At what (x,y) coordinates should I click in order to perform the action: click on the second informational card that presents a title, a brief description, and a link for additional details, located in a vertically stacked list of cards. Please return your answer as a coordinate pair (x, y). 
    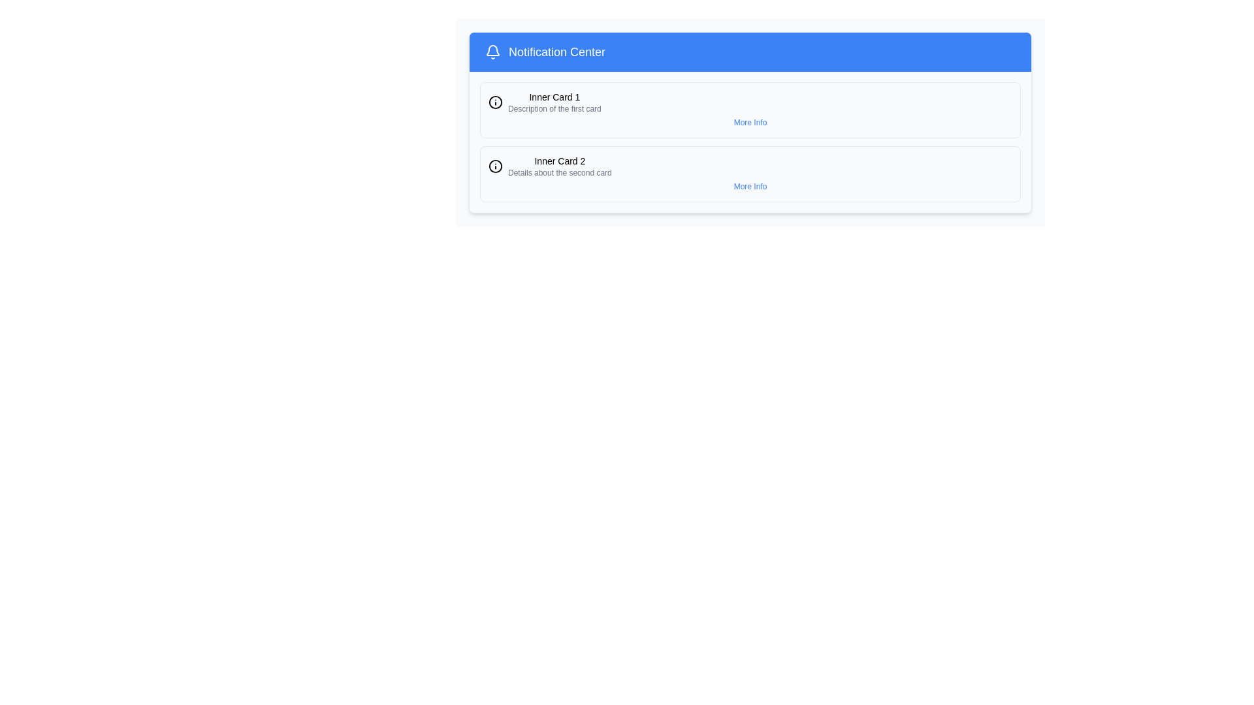
    Looking at the image, I should click on (750, 173).